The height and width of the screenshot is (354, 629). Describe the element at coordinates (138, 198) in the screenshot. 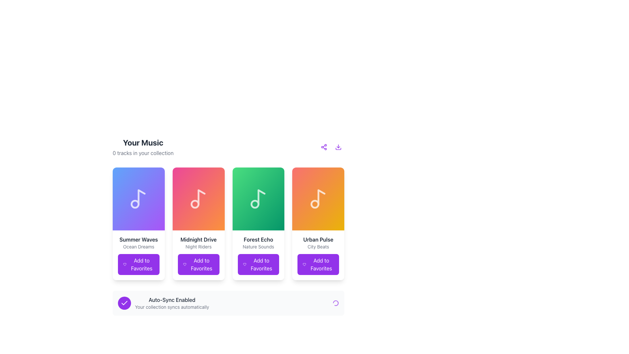

I see `the musical note icon, which is a semi-transparent SVG graphic located in the first music card on the left side of the interface` at that location.